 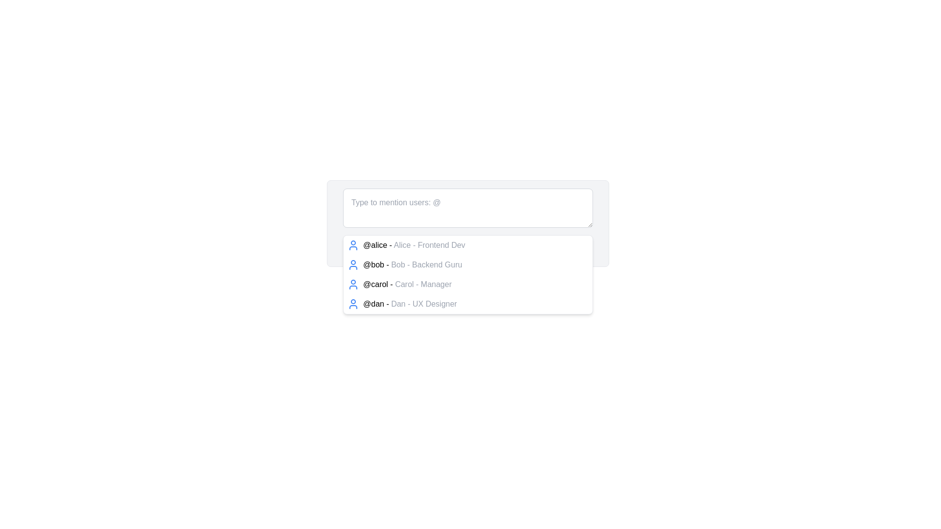 What do you see at coordinates (468, 274) in the screenshot?
I see `the second item in the dropdown menu which represents '@bob - Bob - Backend Guru'` at bounding box center [468, 274].